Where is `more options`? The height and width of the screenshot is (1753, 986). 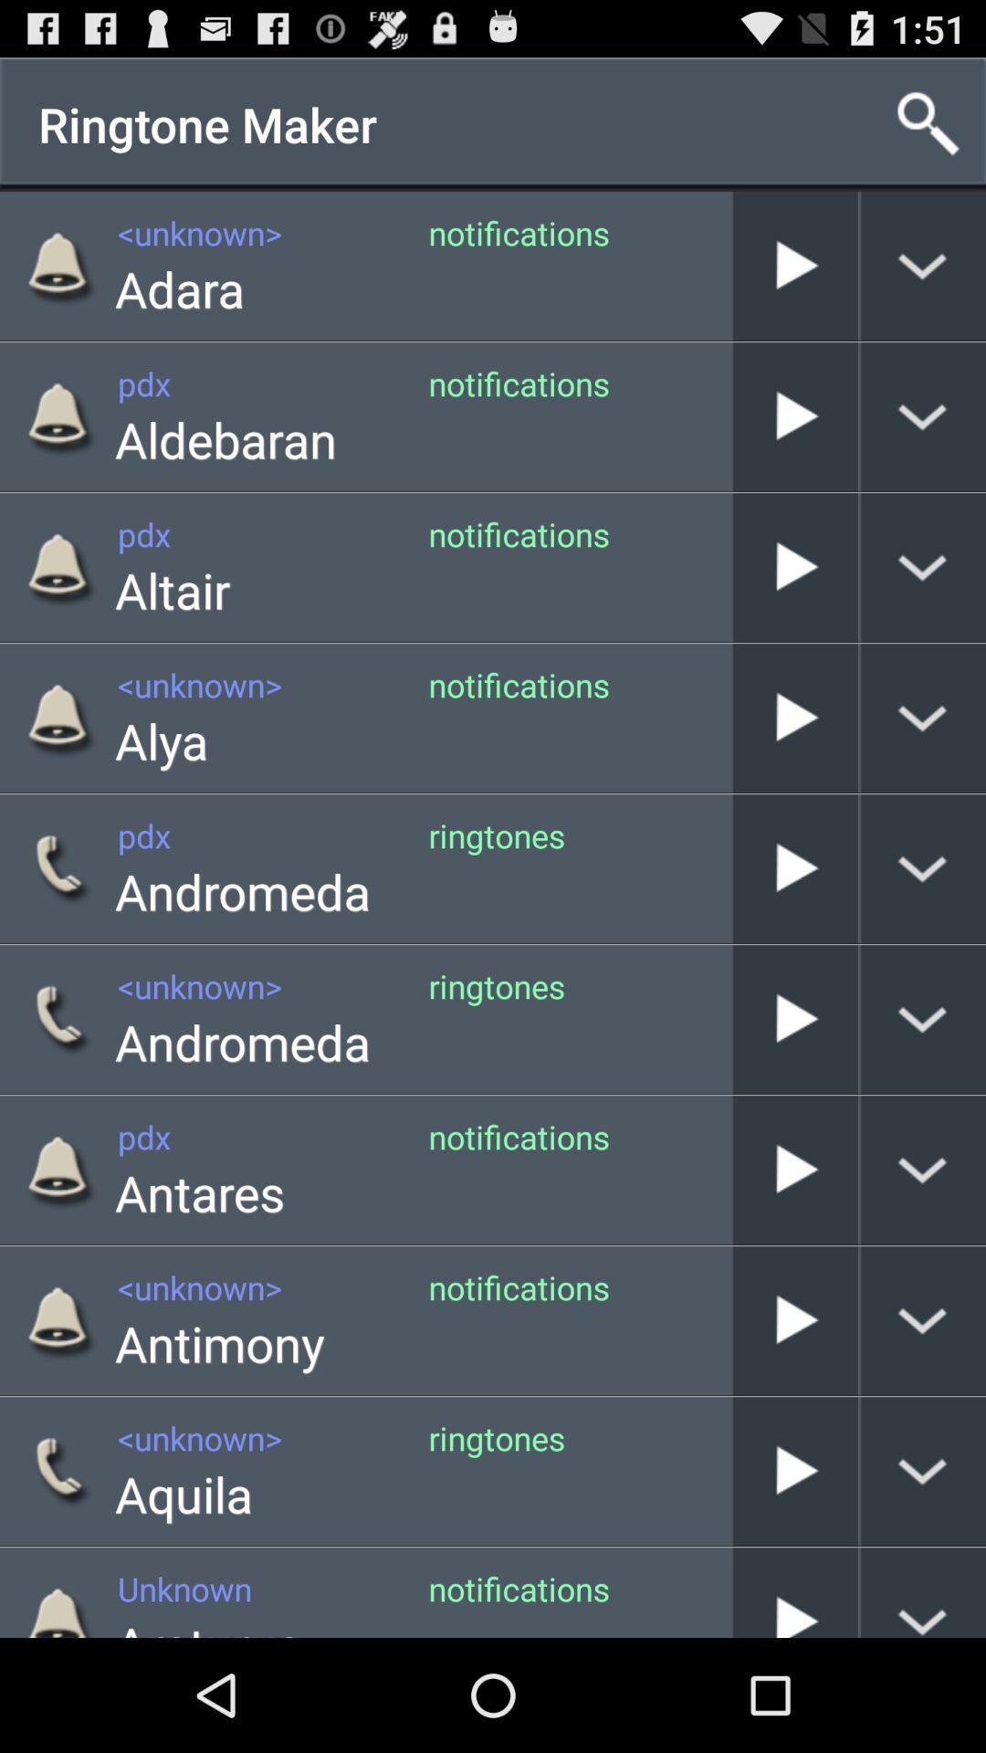 more options is located at coordinates (923, 867).